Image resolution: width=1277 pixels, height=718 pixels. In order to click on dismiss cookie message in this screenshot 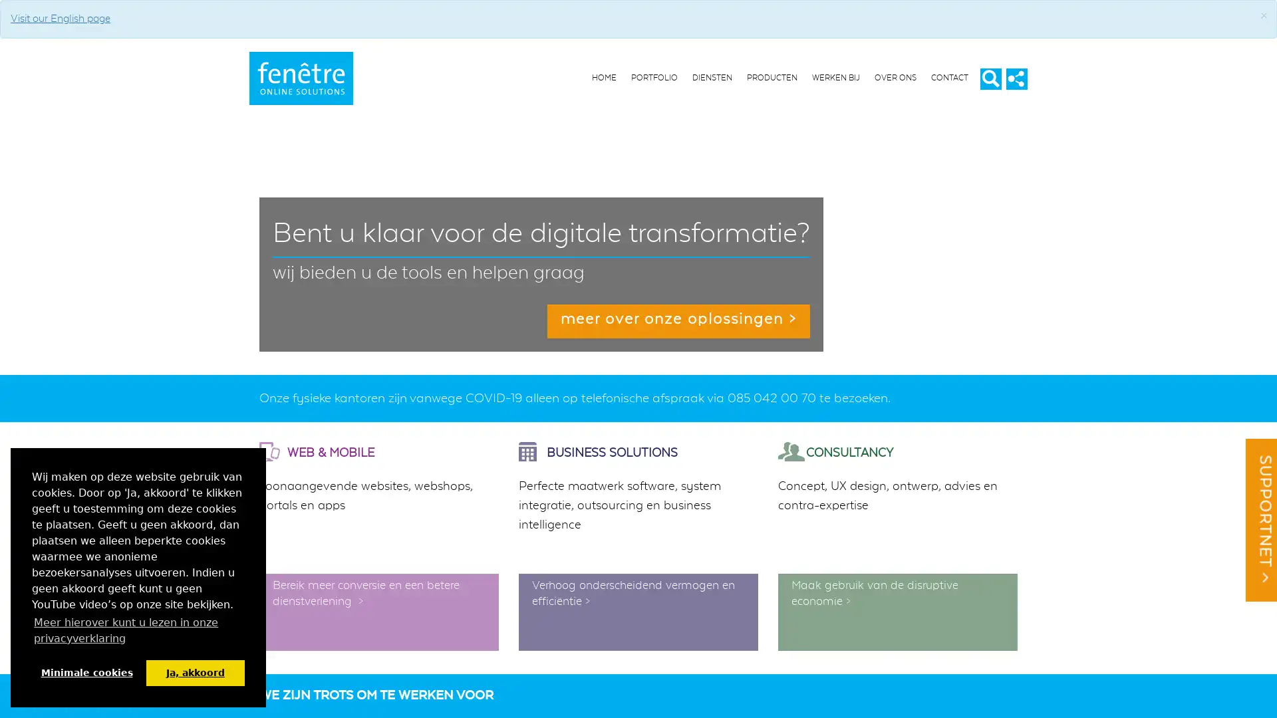, I will do `click(86, 672)`.